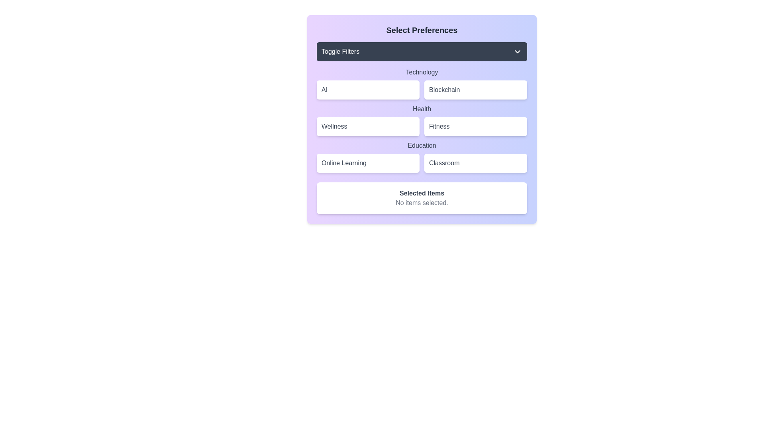  What do you see at coordinates (476, 90) in the screenshot?
I see `the rectangular button with rounded corners labeled 'Blockchain'` at bounding box center [476, 90].